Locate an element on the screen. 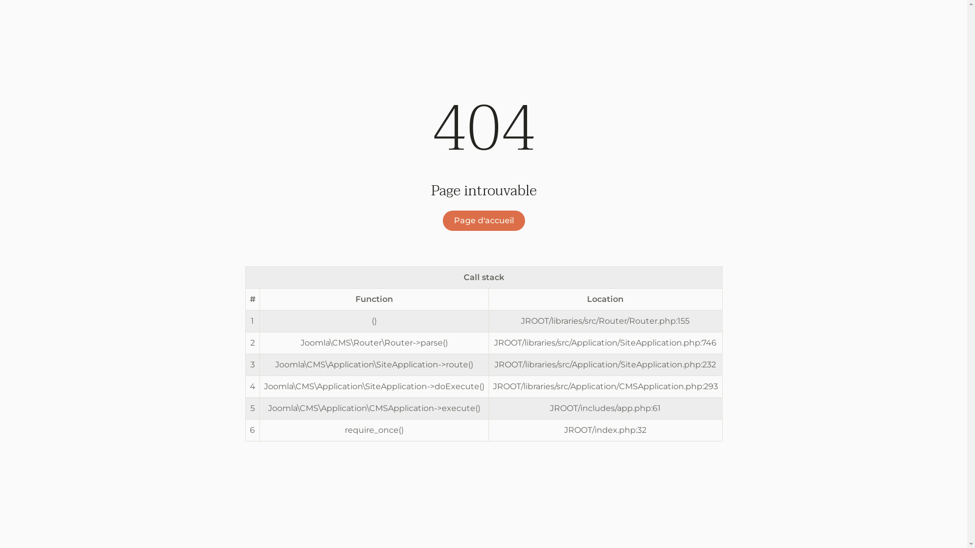 The height and width of the screenshot is (548, 975). 'Page d'accueil' is located at coordinates (483, 220).